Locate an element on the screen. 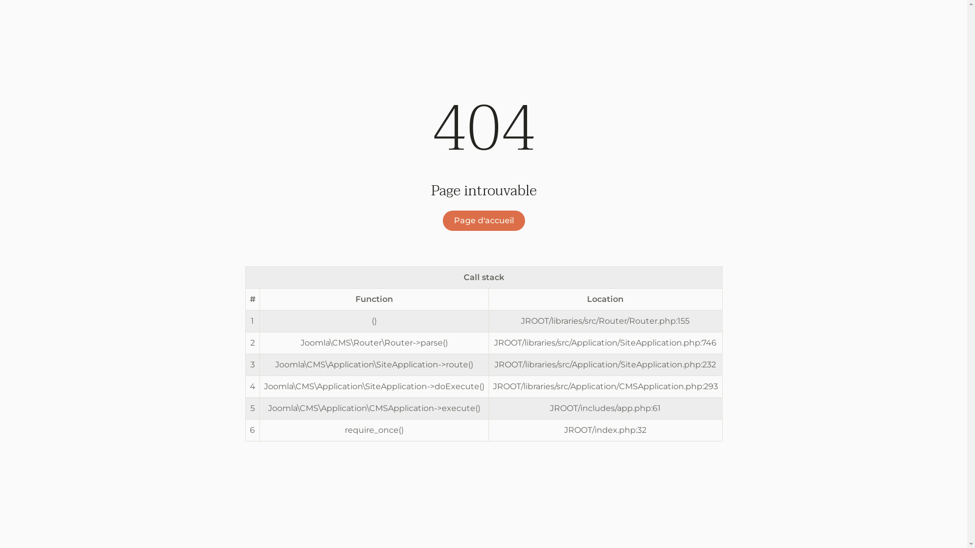 The height and width of the screenshot is (548, 975). 'Page d'accueil' is located at coordinates (483, 220).